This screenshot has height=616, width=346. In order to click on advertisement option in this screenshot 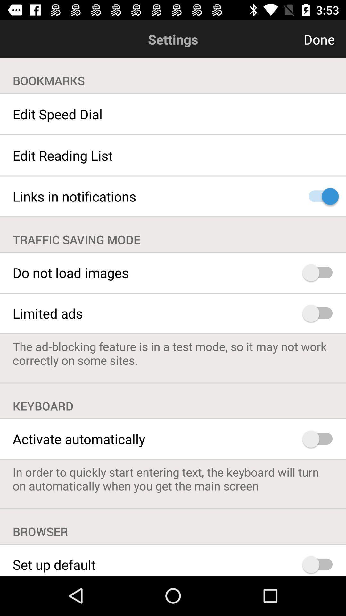, I will do `click(320, 313)`.